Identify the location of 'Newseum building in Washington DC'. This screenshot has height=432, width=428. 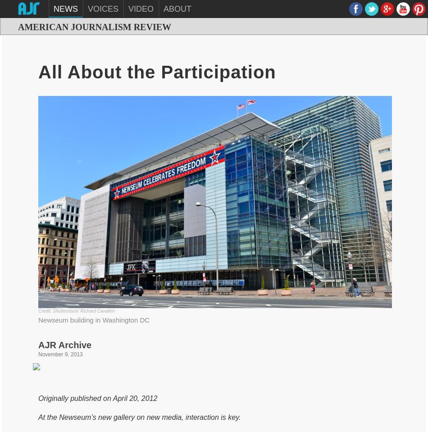
(94, 319).